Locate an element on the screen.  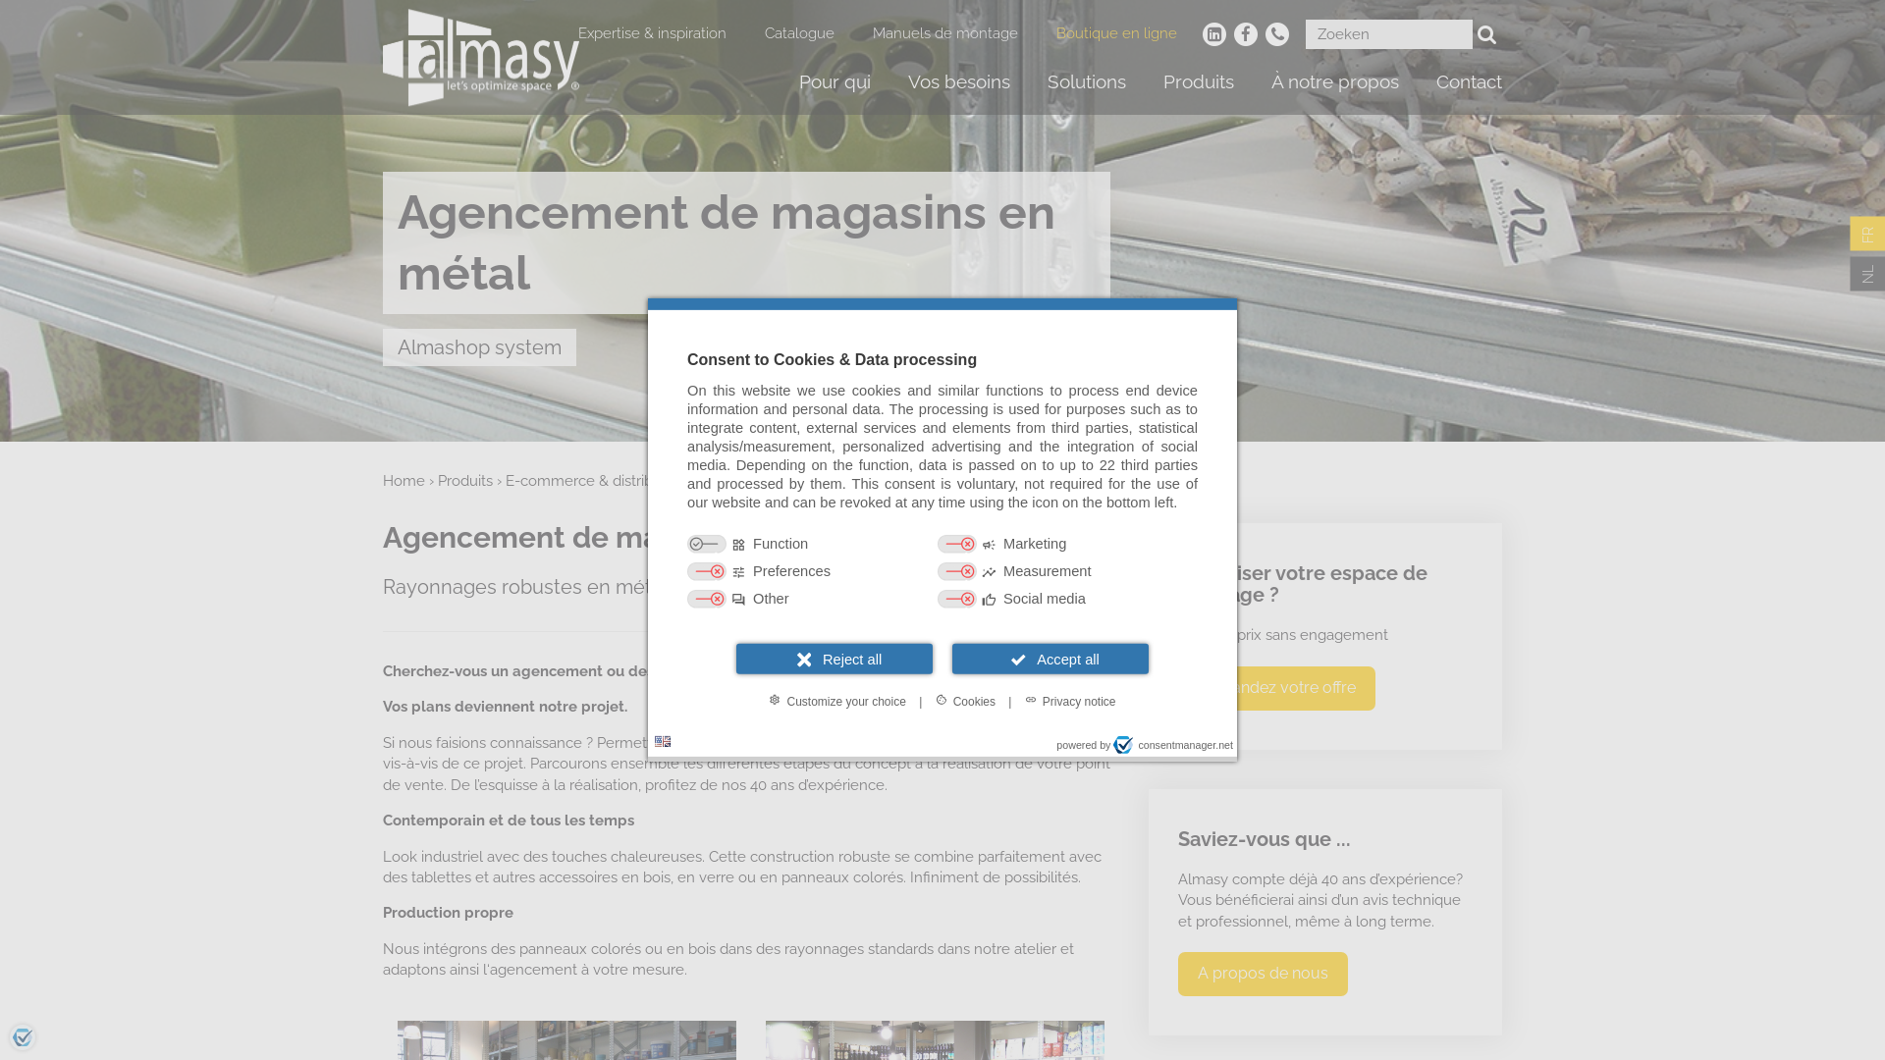
'consentmanager.net' is located at coordinates (1173, 745).